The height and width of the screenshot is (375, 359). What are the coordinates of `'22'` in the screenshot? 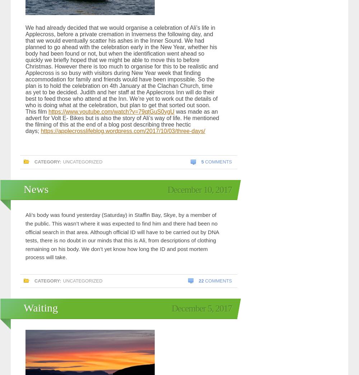 It's located at (201, 280).